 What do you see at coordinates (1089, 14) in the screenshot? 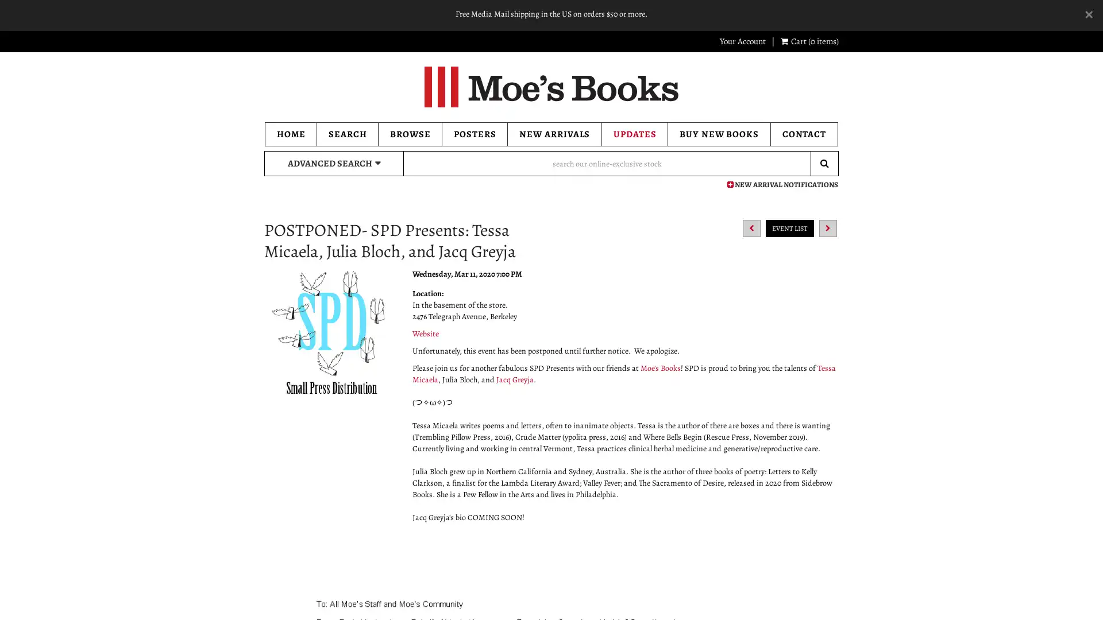
I see `Dismiss Alert` at bounding box center [1089, 14].